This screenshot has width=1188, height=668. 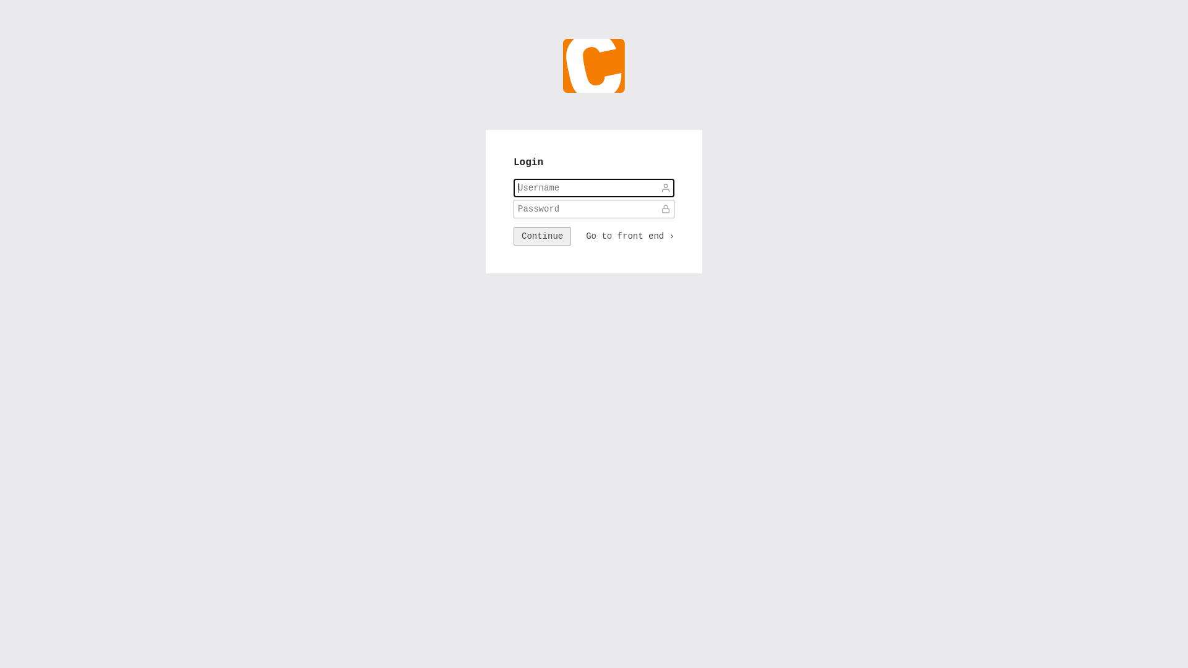 I want to click on 'Continue', so click(x=542, y=236).